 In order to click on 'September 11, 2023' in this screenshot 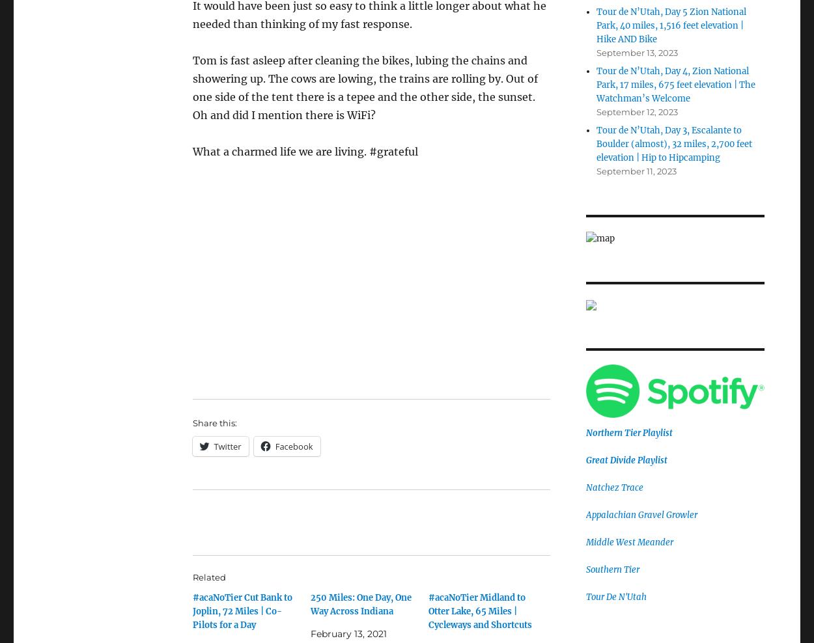, I will do `click(635, 170)`.